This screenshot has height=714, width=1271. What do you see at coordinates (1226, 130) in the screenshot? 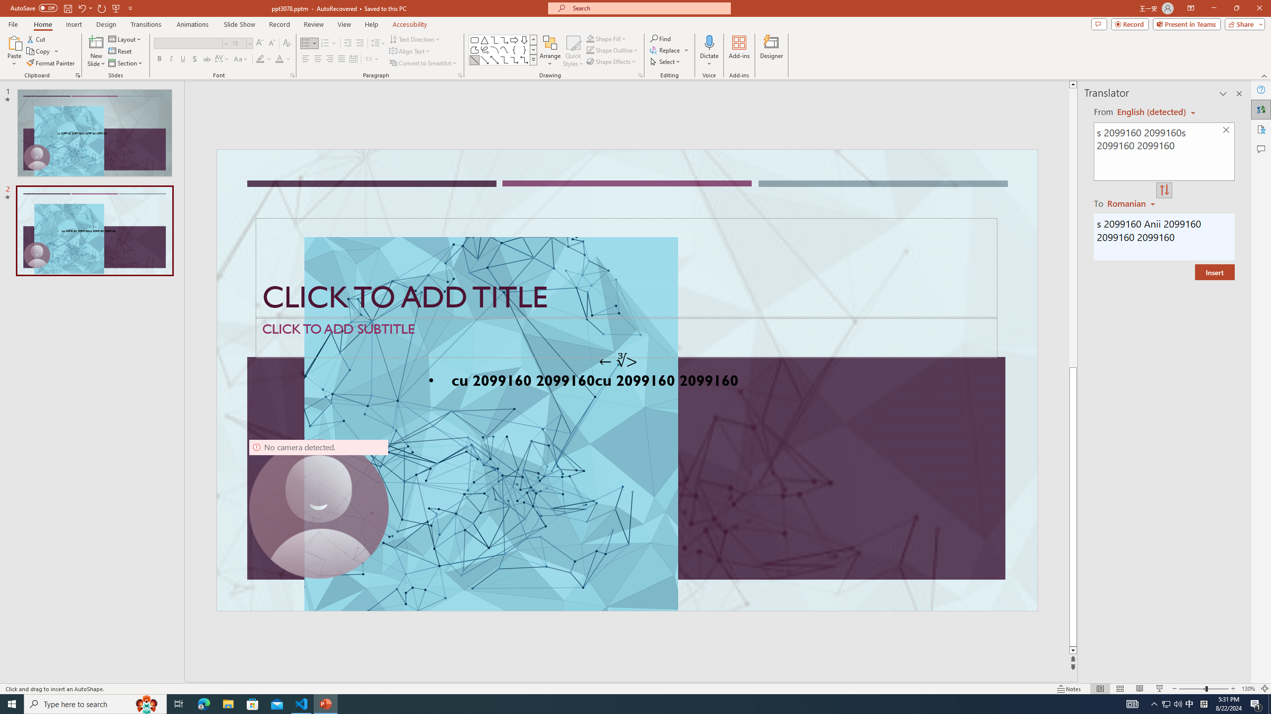
I see `'Clear text'` at bounding box center [1226, 130].